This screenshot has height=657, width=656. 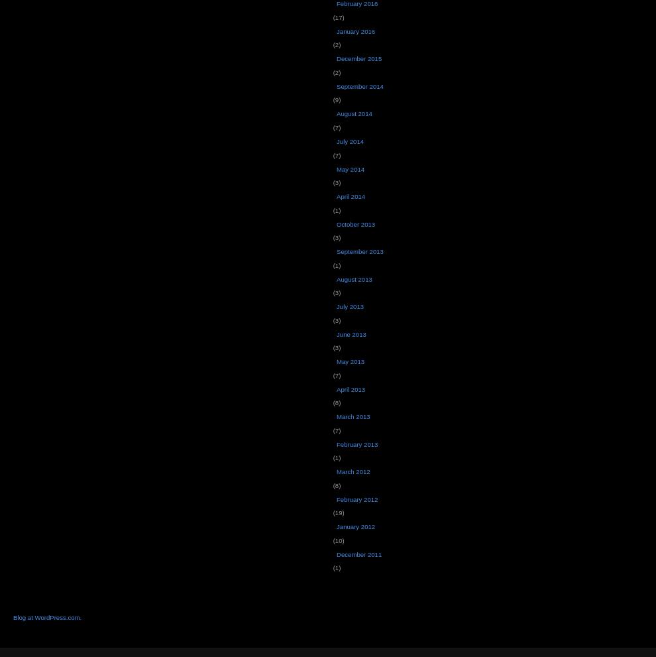 I want to click on '(10)', so click(x=337, y=539).